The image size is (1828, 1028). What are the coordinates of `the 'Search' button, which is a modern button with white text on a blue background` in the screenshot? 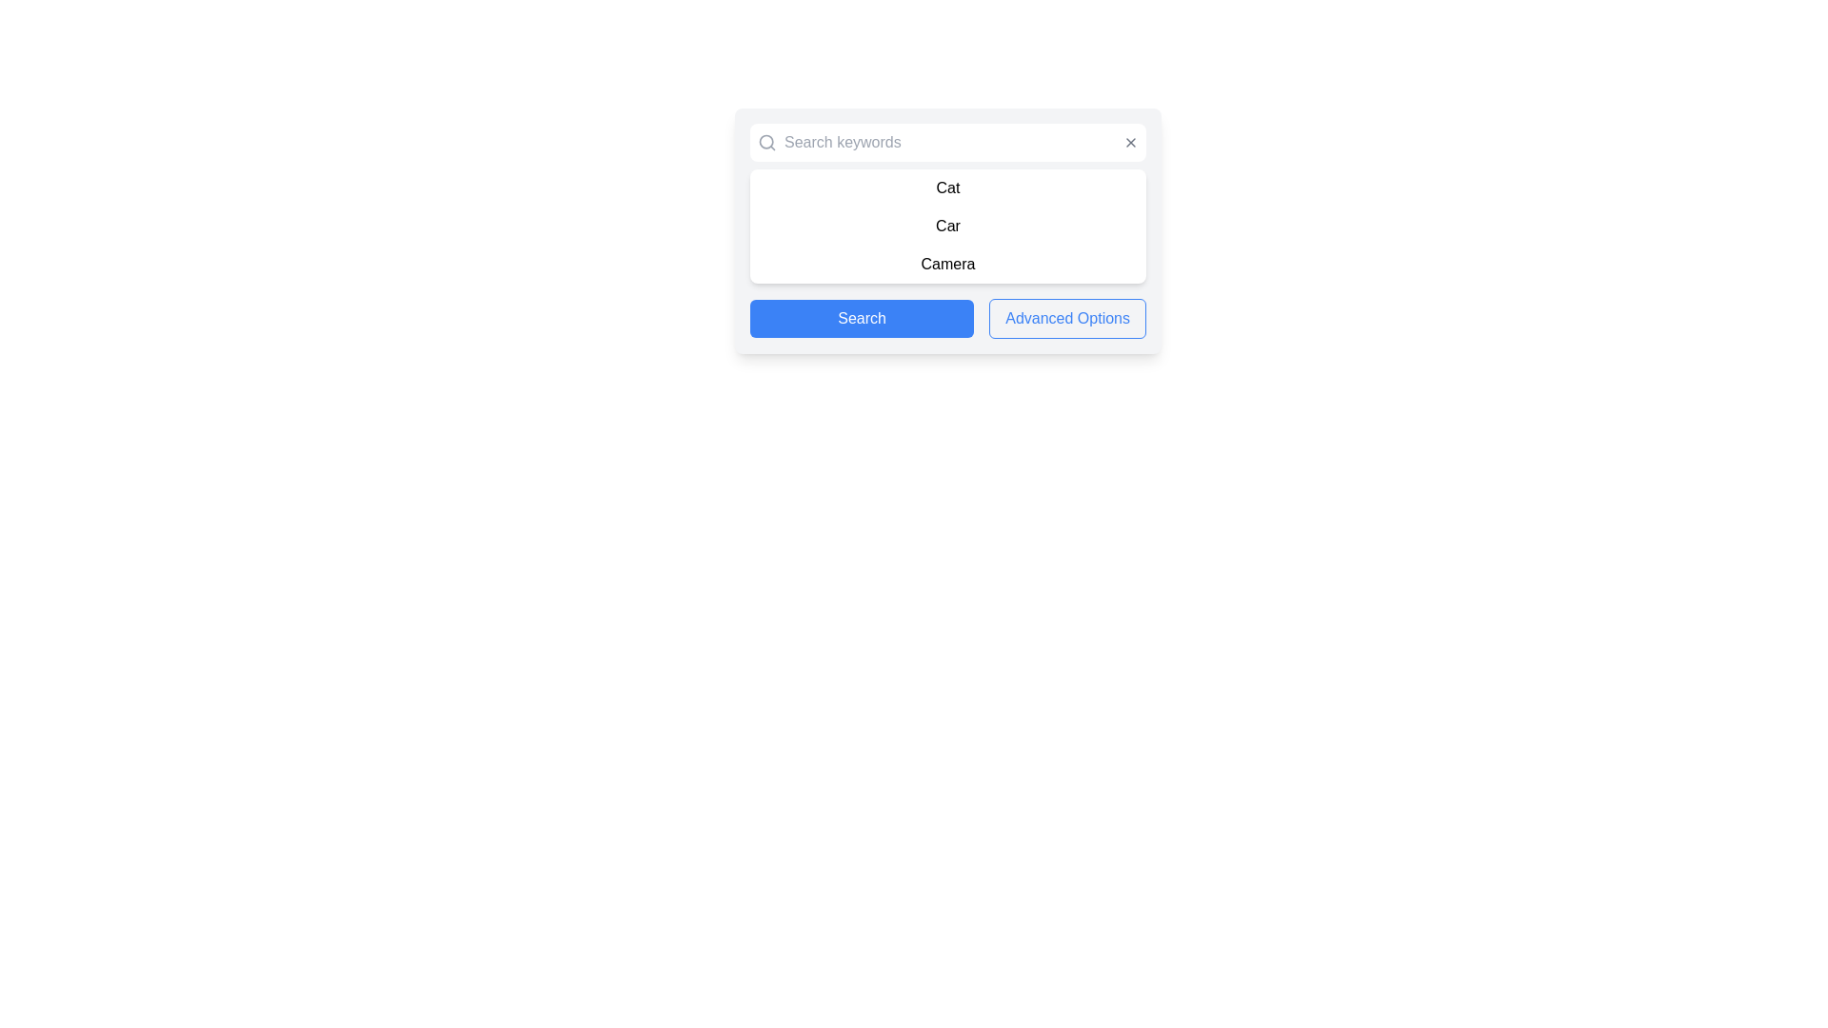 It's located at (861, 318).